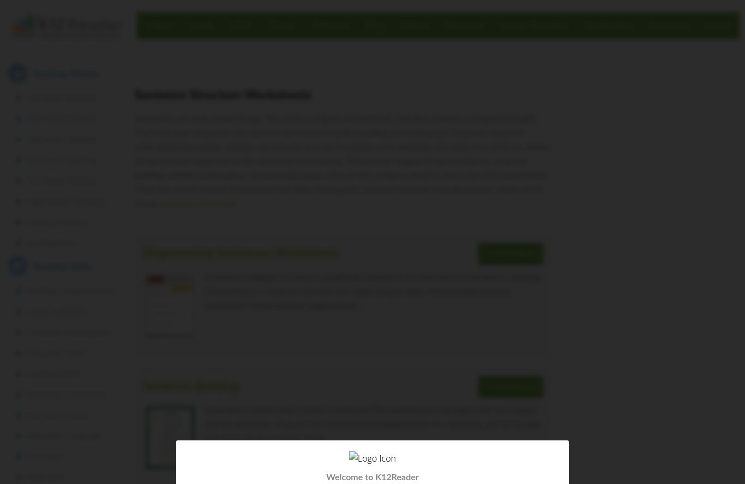  What do you see at coordinates (62, 267) in the screenshot?
I see `'Reading Skills'` at bounding box center [62, 267].